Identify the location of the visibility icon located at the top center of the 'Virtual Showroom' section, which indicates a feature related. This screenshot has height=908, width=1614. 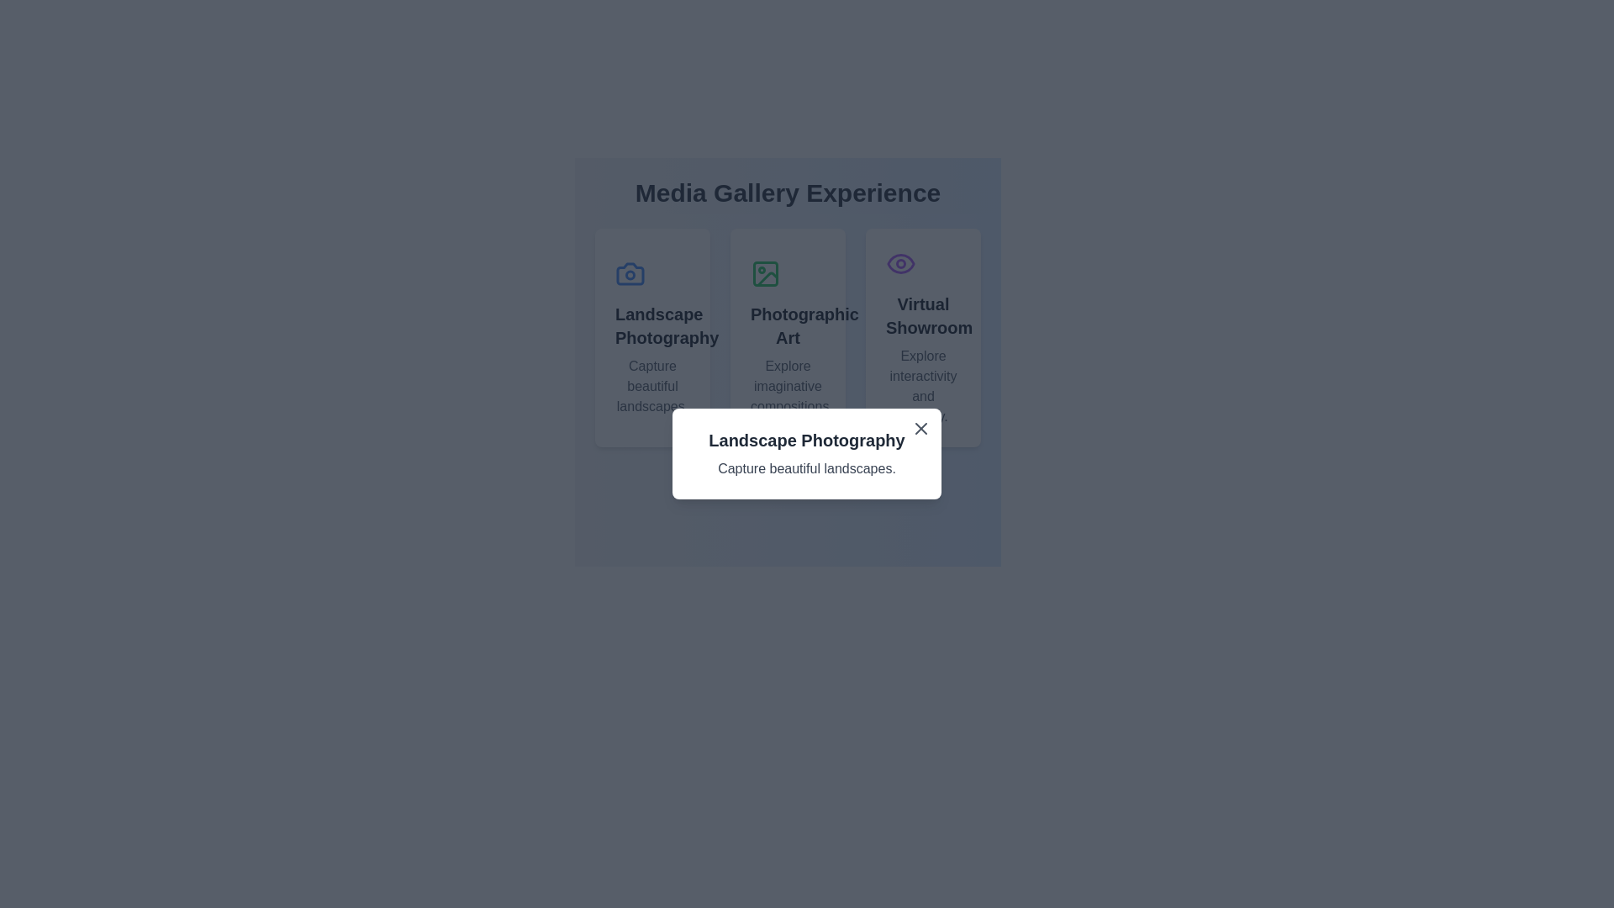
(899, 263).